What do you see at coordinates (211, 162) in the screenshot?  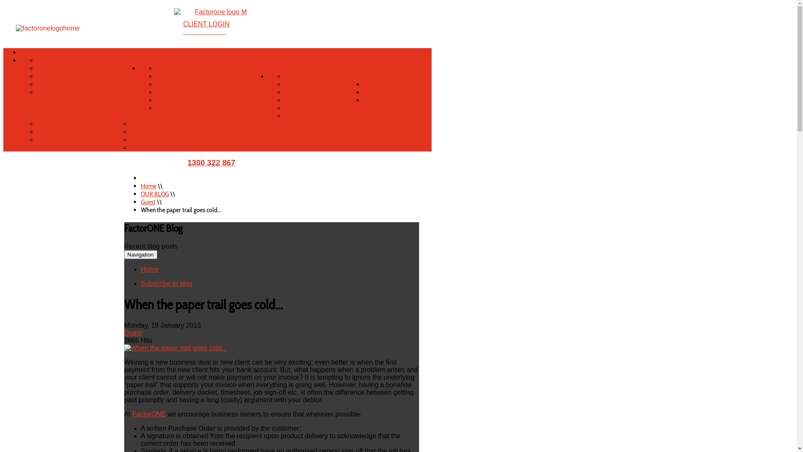 I see `'1300 322 867'` at bounding box center [211, 162].